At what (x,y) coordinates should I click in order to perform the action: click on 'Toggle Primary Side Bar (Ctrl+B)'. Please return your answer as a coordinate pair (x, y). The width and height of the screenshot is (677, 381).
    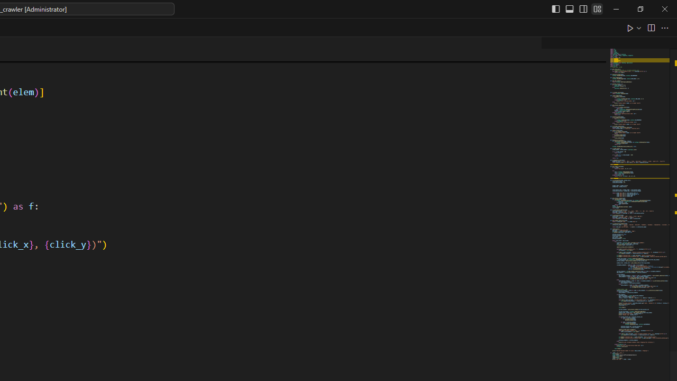
    Looking at the image, I should click on (555, 8).